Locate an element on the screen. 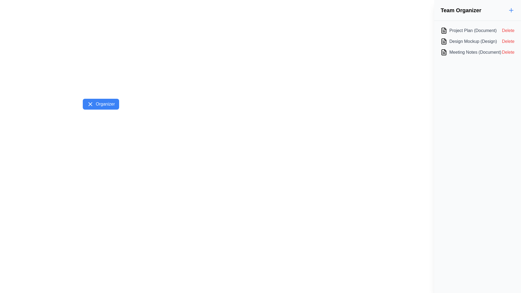 Image resolution: width=521 pixels, height=293 pixels. text 'Meeting Notes (Document)' from the label located in the list of items on the right side of the interface, positioned below 'Design Mockup (Design)' and above the 'Delete' button is located at coordinates (471, 52).